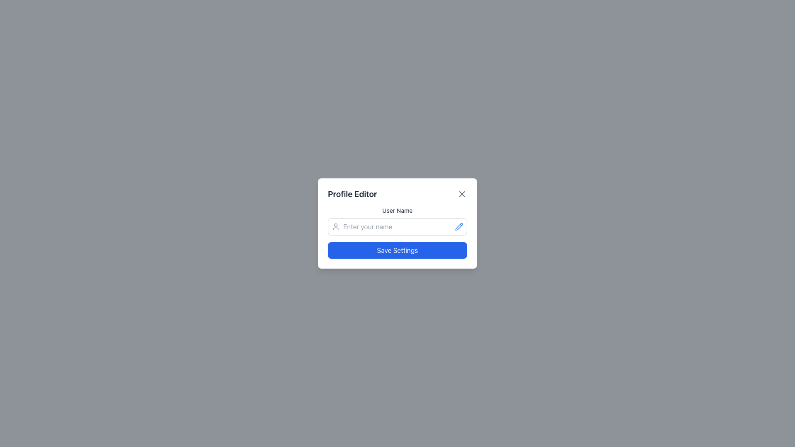 This screenshot has height=447, width=795. Describe the element at coordinates (462, 194) in the screenshot. I see `the close button icon located in the top-right corner of the 'Profile Editor' dialog` at that location.